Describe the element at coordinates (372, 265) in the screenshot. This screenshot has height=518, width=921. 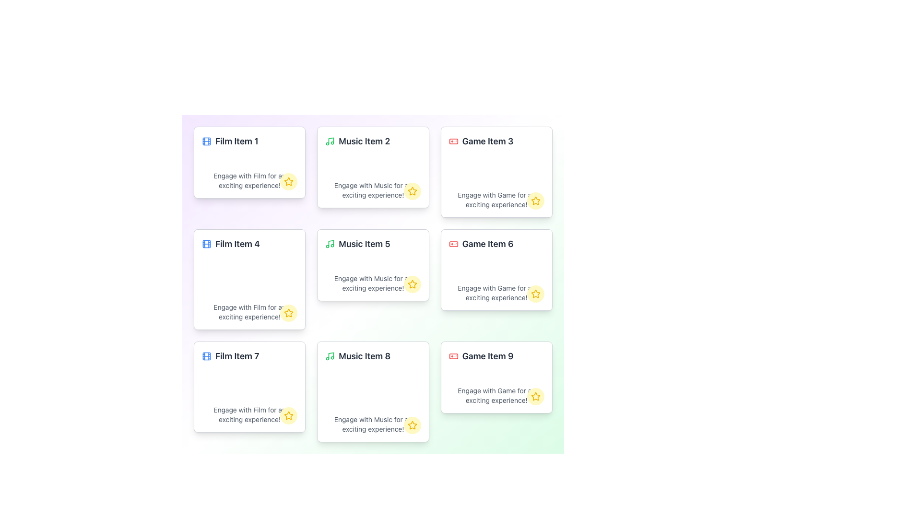
I see `the music-related activity display card located in the second row, second column of the grid layout` at that location.